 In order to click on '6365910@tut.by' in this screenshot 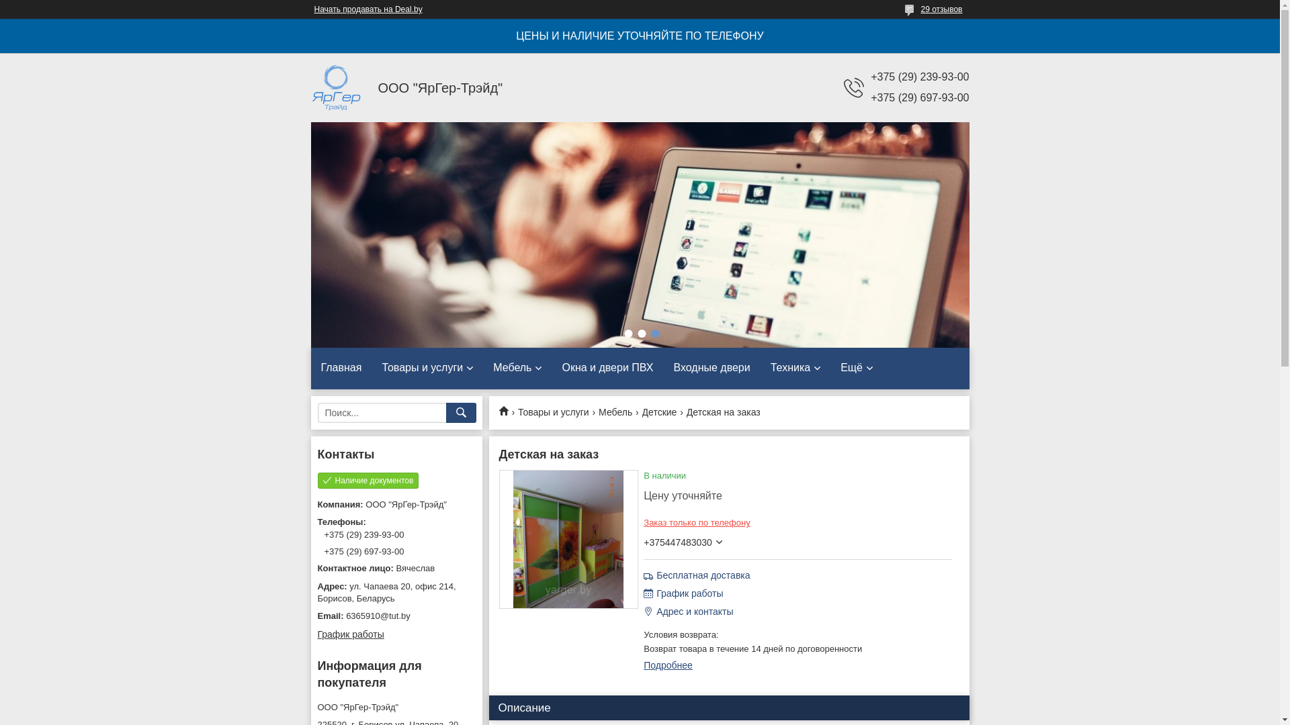, I will do `click(316, 616)`.